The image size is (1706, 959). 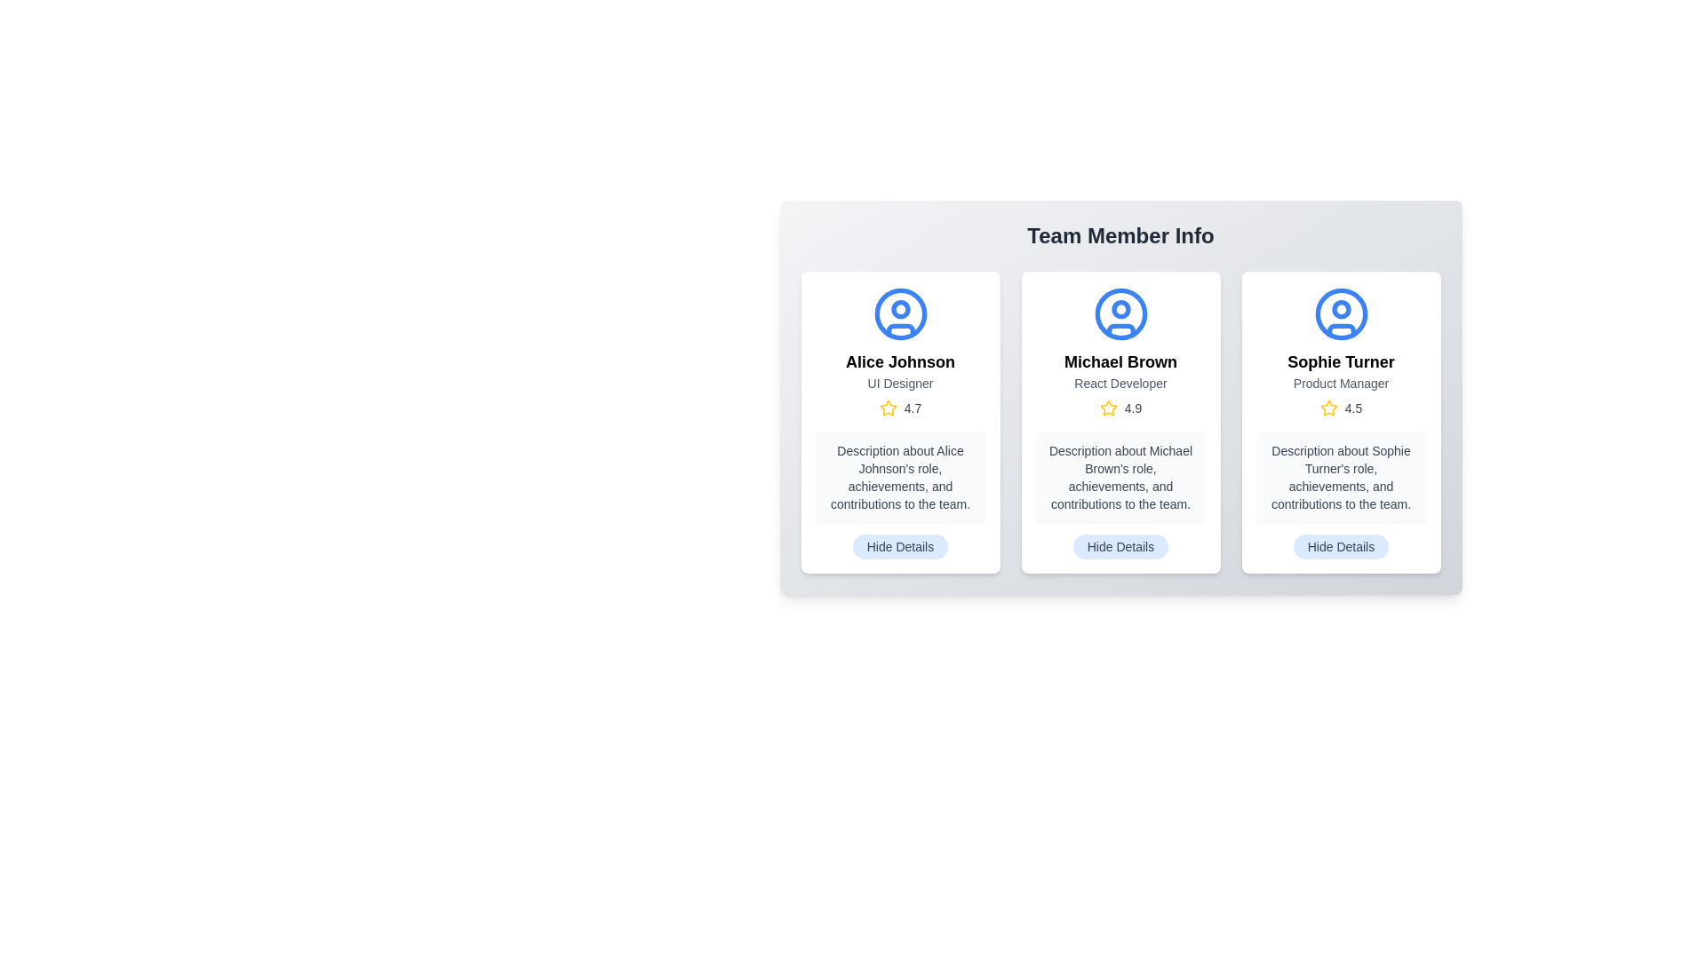 What do you see at coordinates (1120, 313) in the screenshot?
I see `the user icon in a blue circle located at the top-middle of the card for 'Michael Brown', which is above the title 'React Developer'` at bounding box center [1120, 313].